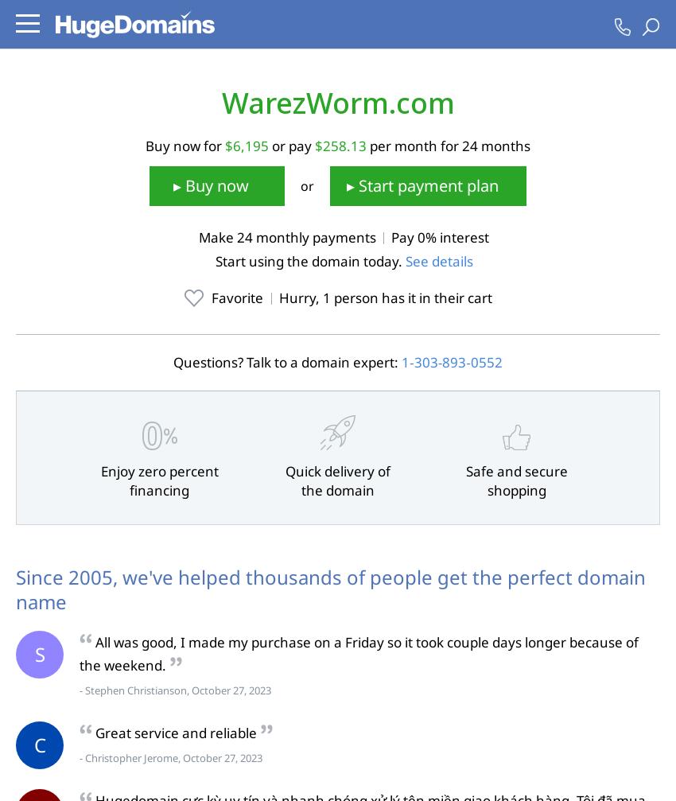 This screenshot has height=801, width=676. Describe the element at coordinates (286, 362) in the screenshot. I see `'Questions? Talk to a domain expert:'` at that location.